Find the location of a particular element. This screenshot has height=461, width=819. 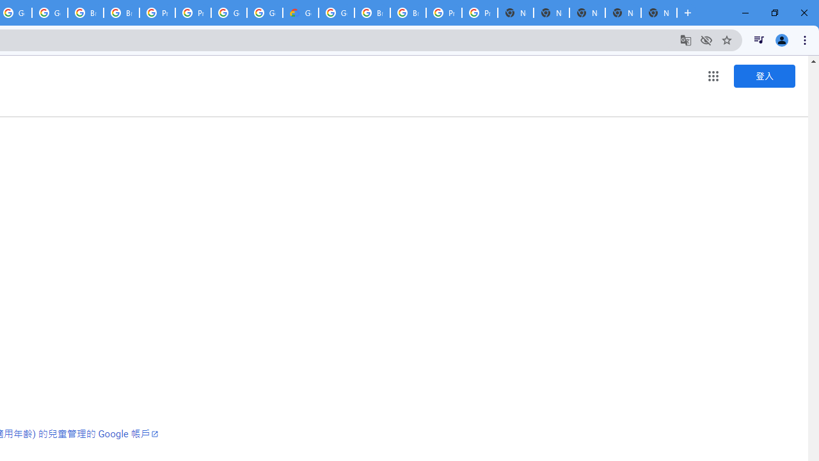

'Google Cloud Estimate Summary' is located at coordinates (299, 13).